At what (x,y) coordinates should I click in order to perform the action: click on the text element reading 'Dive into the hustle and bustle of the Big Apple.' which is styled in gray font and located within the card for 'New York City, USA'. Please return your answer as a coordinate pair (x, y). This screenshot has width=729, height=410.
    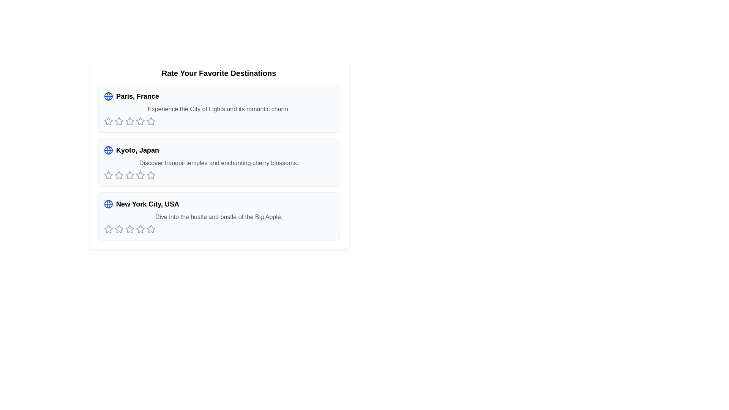
    Looking at the image, I should click on (218, 217).